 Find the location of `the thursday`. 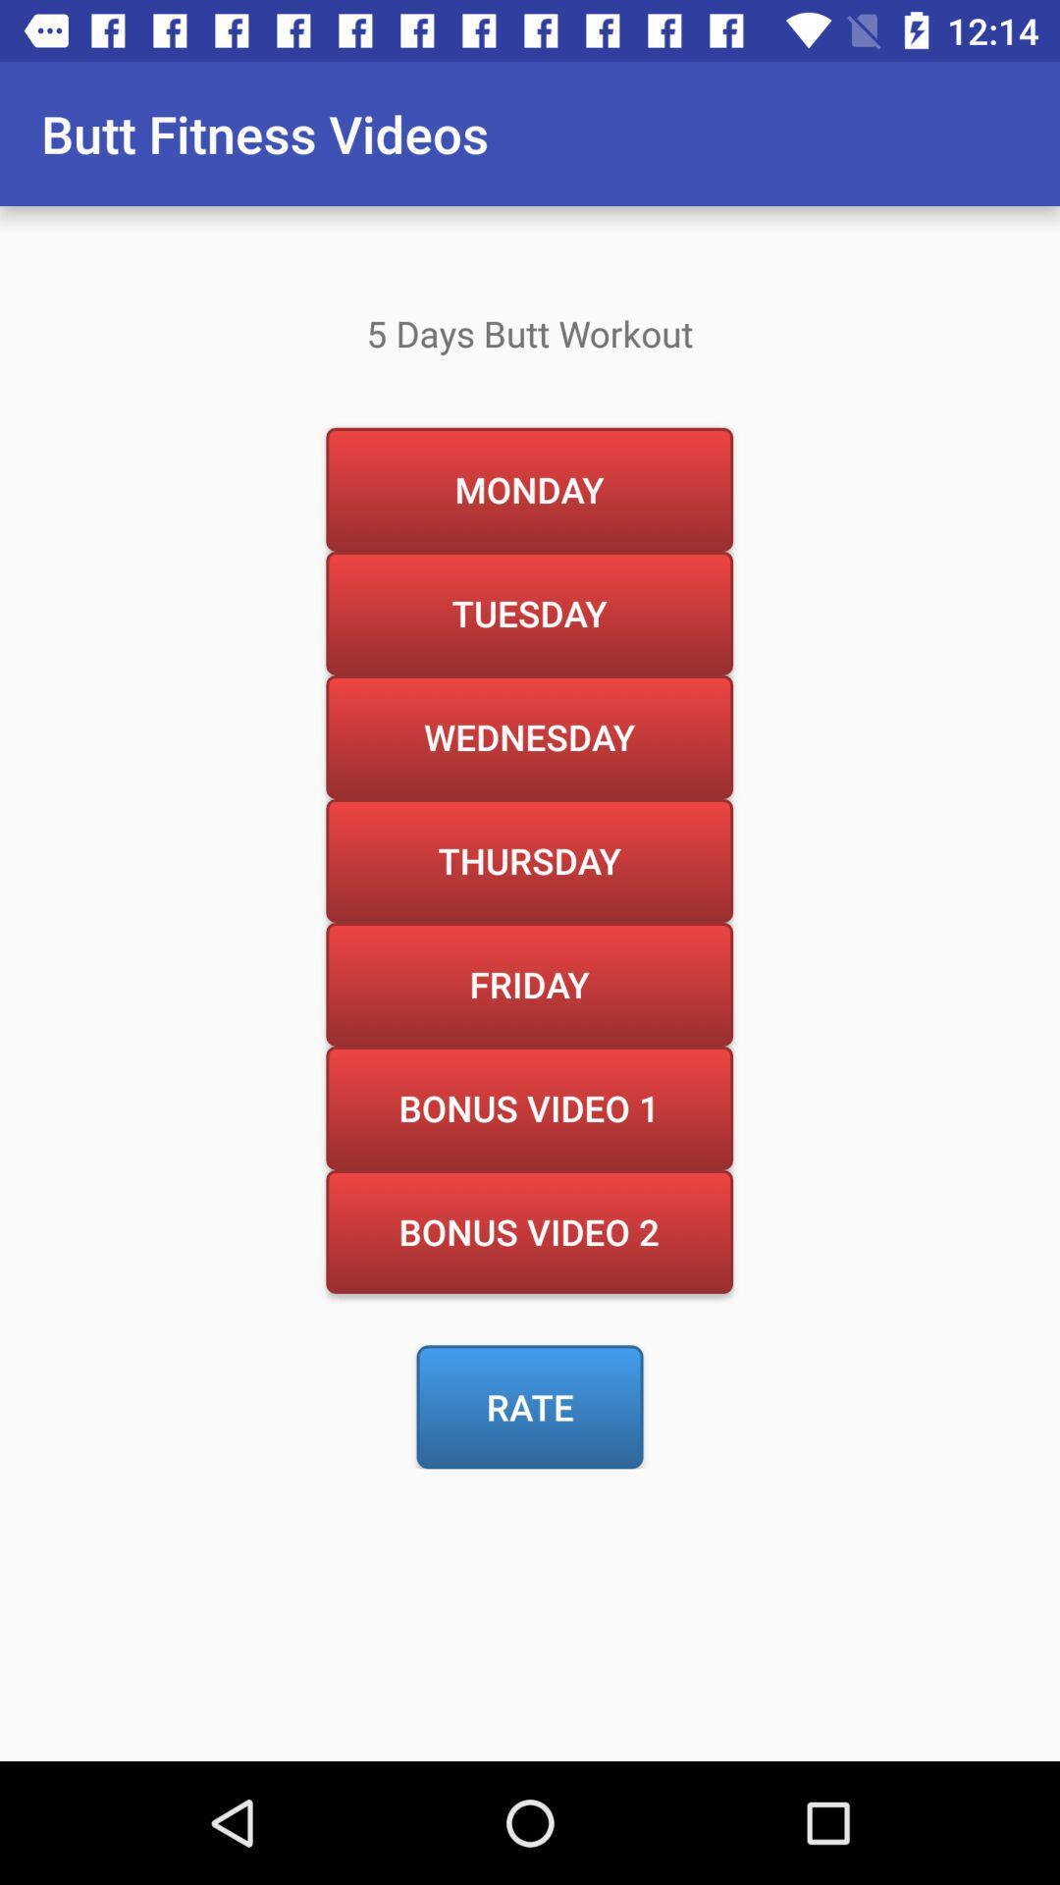

the thursday is located at coordinates (528, 860).